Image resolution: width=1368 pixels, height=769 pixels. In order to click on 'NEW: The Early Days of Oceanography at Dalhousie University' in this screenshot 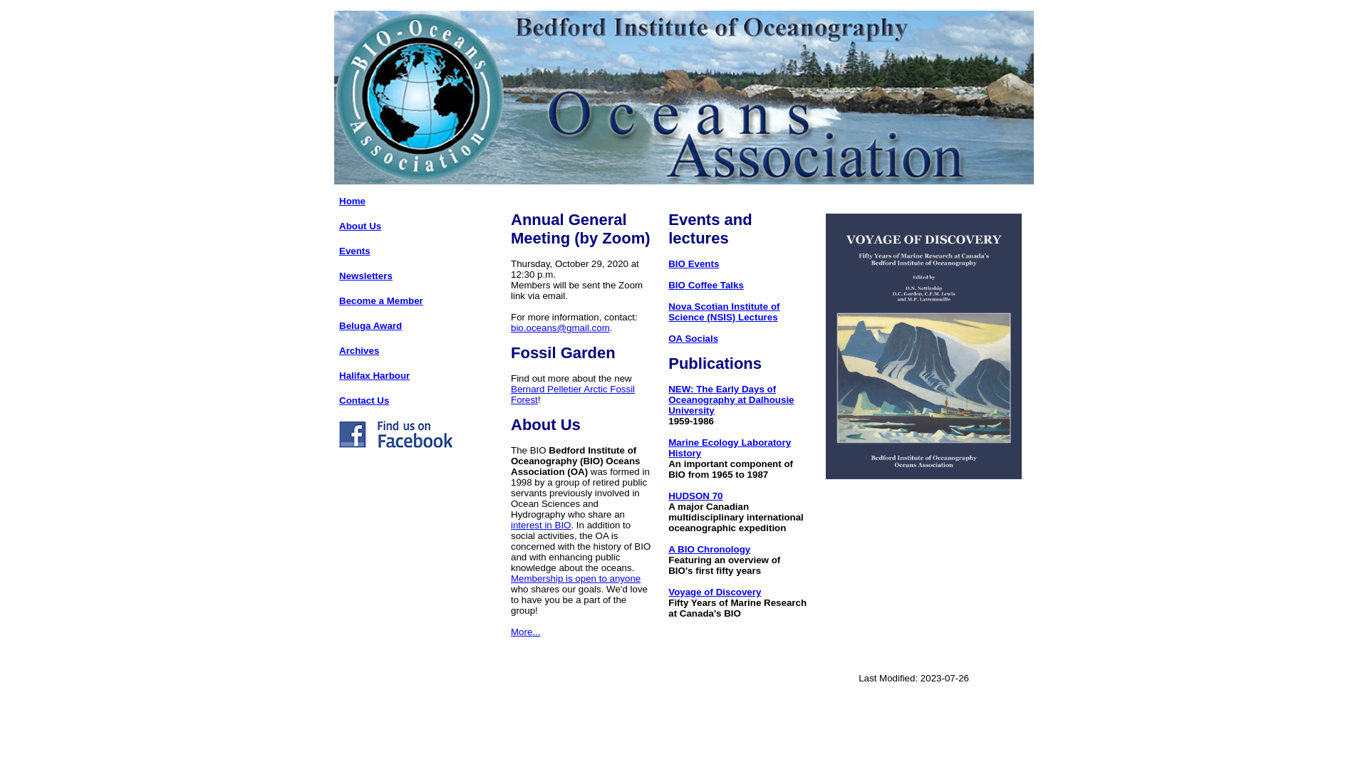, I will do `click(731, 399)`.